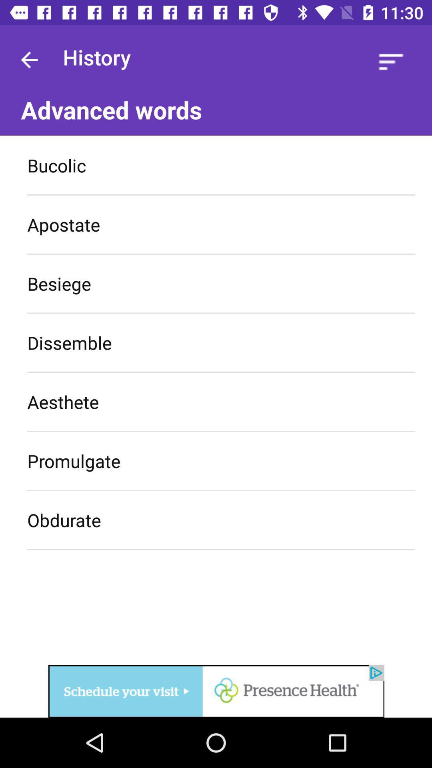  I want to click on menu, so click(390, 61).